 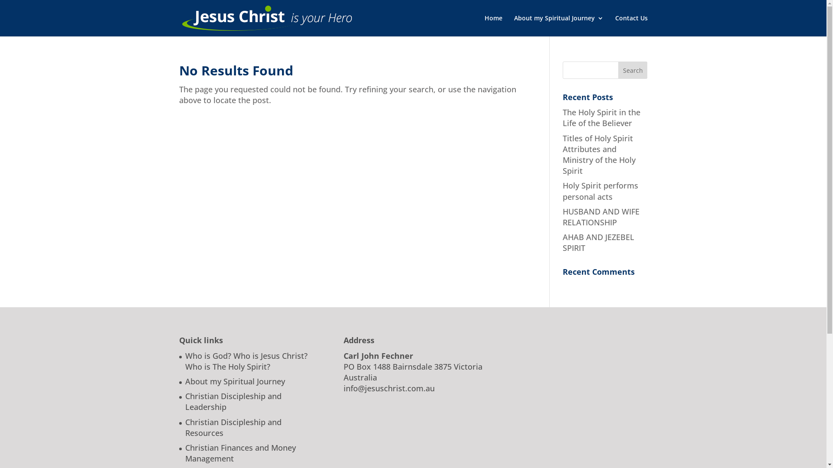 I want to click on 'Christian Discipleship and Resources', so click(x=233, y=427).